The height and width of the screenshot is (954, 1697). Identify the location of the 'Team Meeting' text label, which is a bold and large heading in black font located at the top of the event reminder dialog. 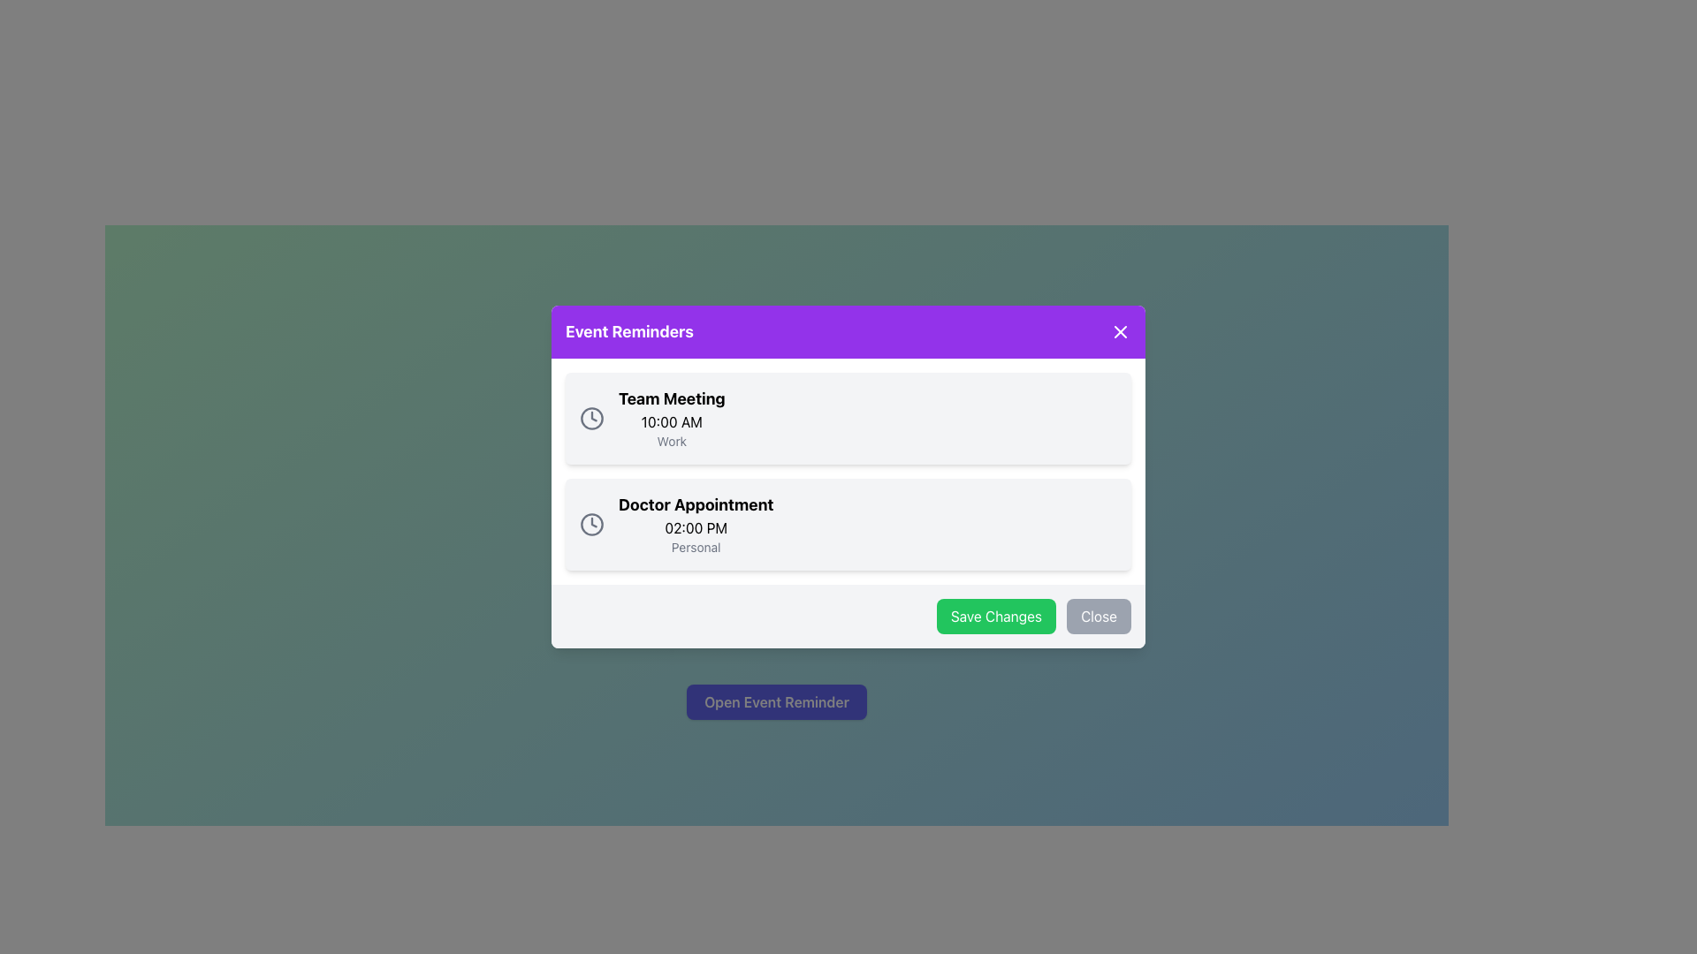
(671, 398).